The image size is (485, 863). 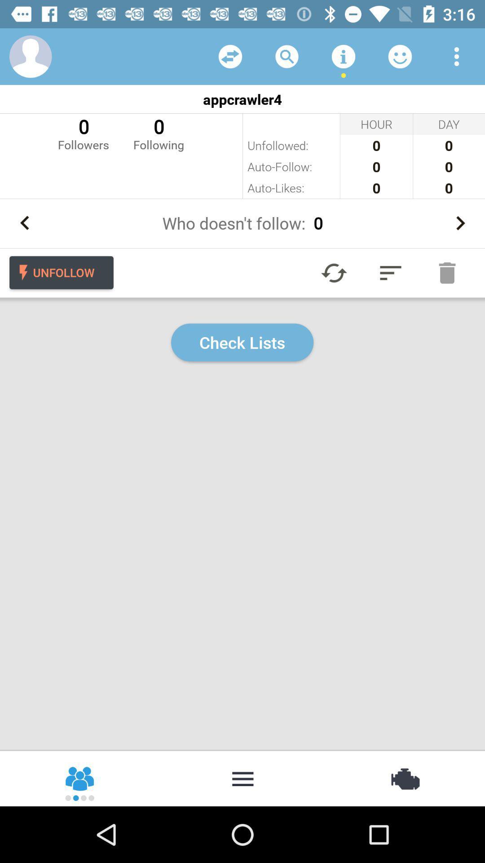 What do you see at coordinates (390, 272) in the screenshot?
I see `the filter_list icon` at bounding box center [390, 272].